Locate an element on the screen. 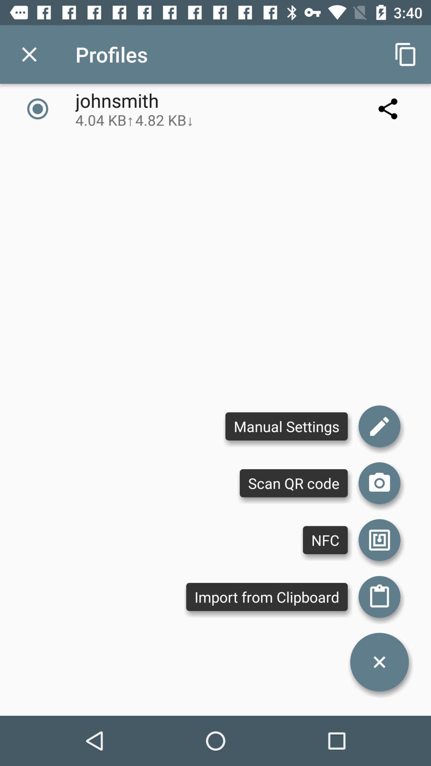 The image size is (431, 766). manual settings item is located at coordinates (286, 426).